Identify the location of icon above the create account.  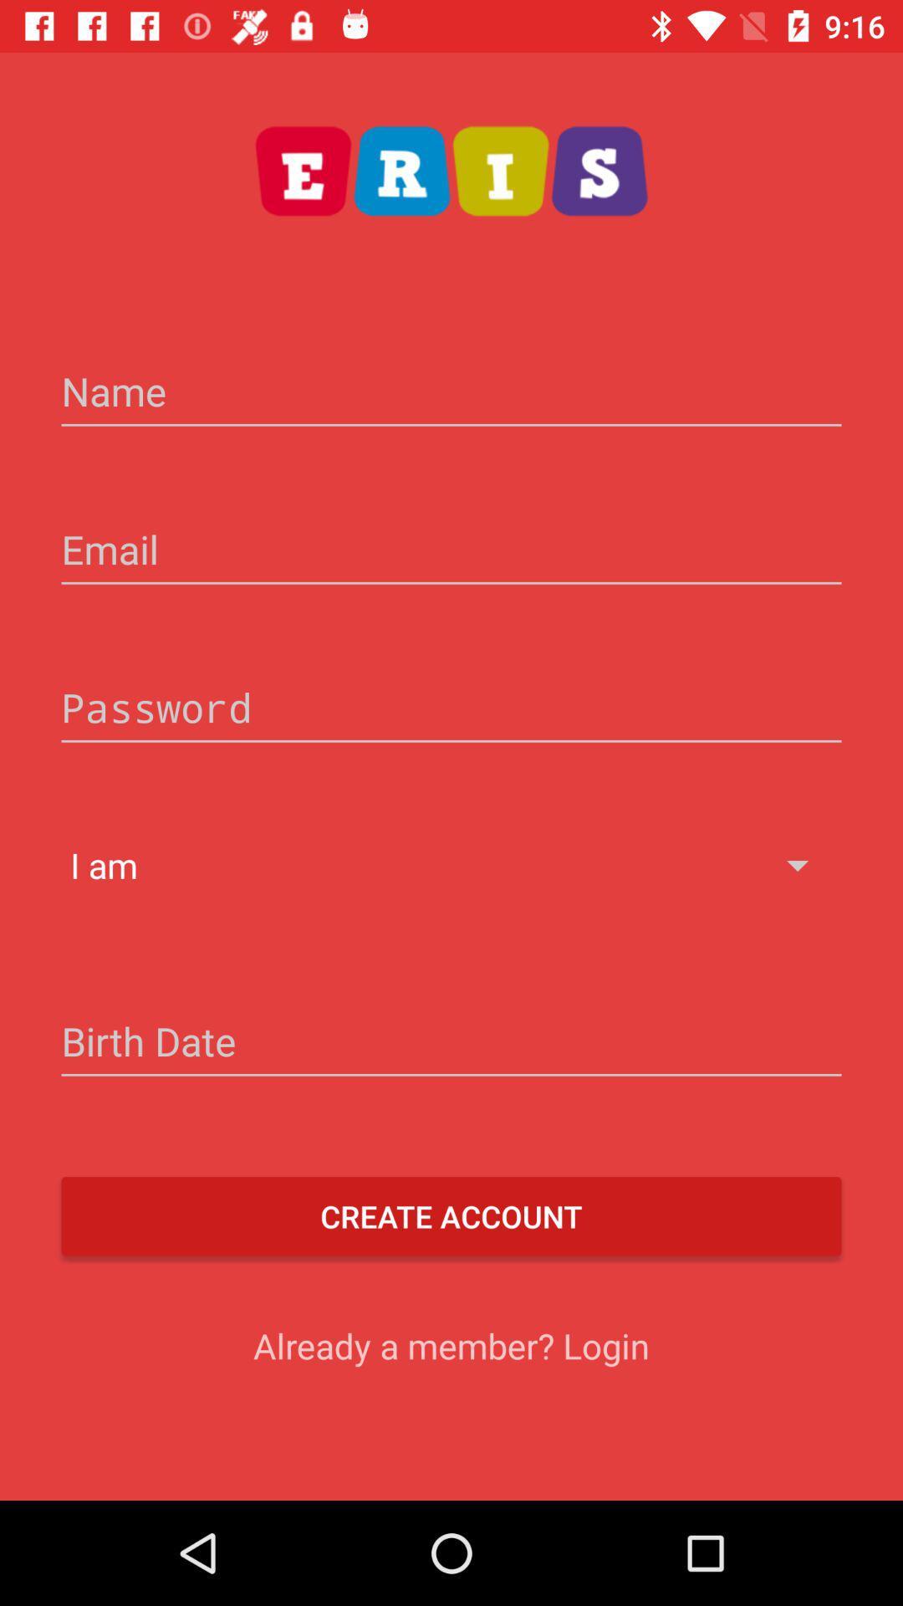
(451, 1043).